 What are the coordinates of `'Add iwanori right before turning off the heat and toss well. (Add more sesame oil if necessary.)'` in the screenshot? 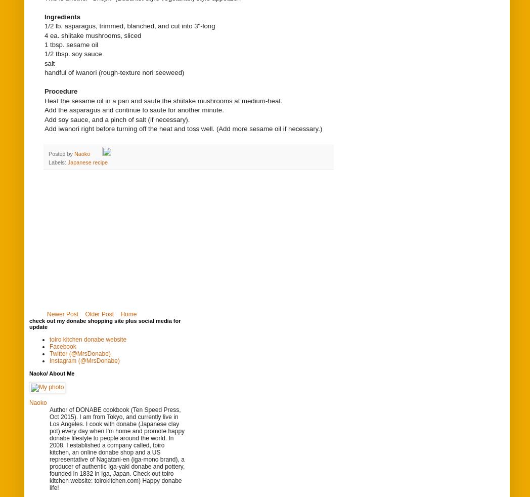 It's located at (183, 129).